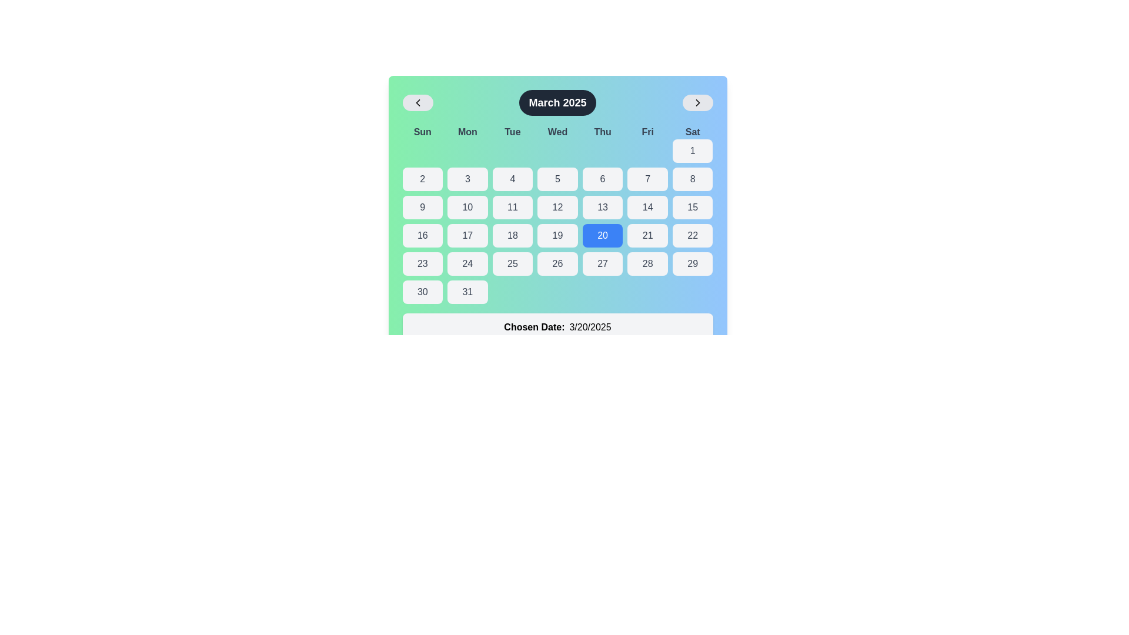  Describe the element at coordinates (697, 102) in the screenshot. I see `the button with a forward-pointing chevron icon, located at the top-right of the calendar header next to the 'March 2025' label` at that location.